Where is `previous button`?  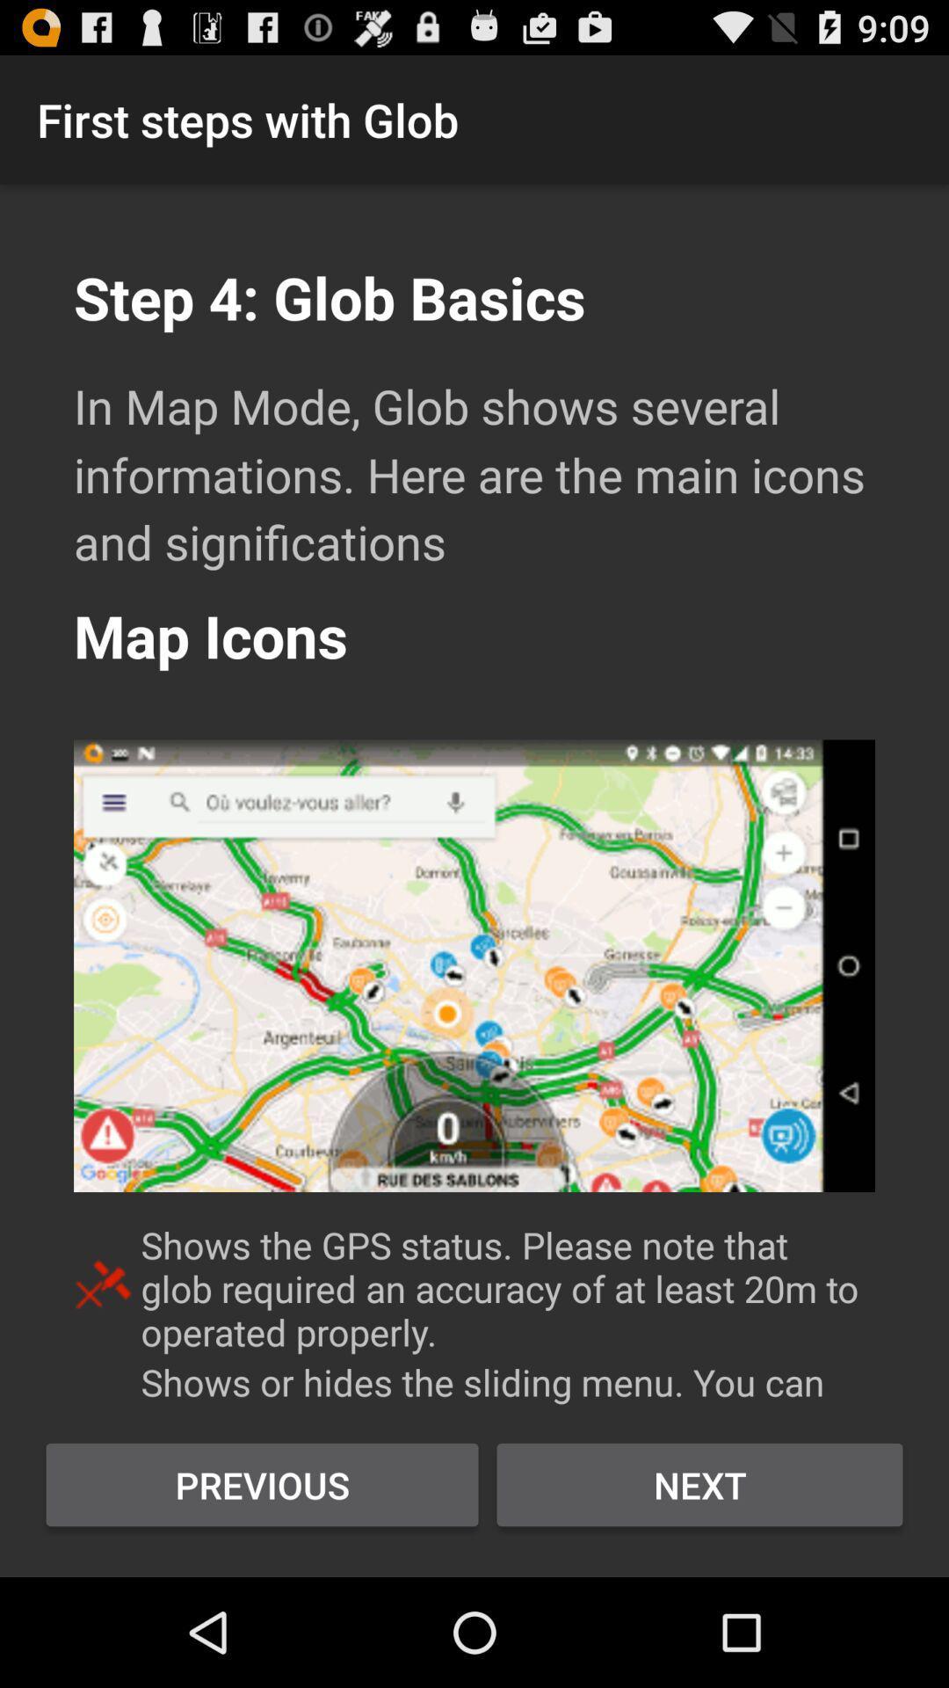 previous button is located at coordinates (262, 1484).